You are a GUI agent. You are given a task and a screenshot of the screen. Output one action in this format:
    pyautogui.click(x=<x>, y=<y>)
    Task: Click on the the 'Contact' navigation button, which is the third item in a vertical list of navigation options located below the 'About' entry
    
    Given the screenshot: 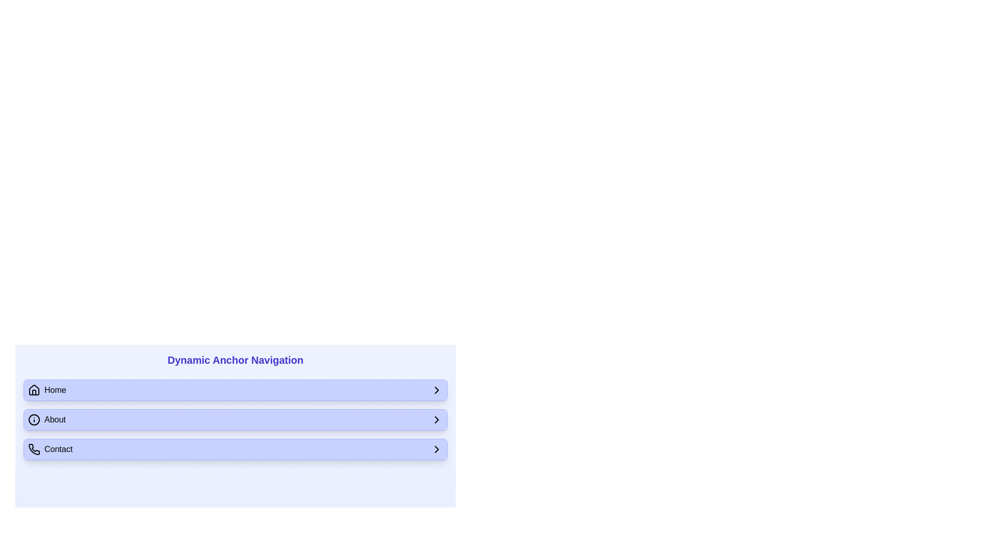 What is the action you would take?
    pyautogui.click(x=235, y=448)
    